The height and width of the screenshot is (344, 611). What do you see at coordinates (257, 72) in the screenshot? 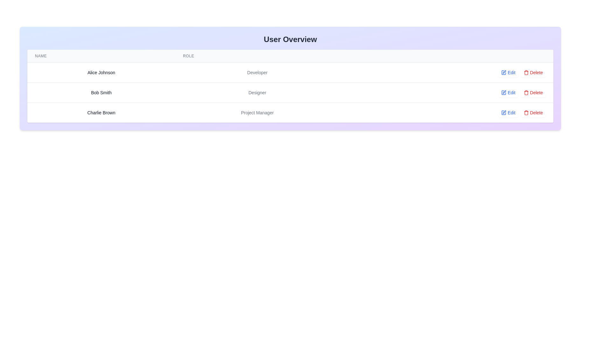
I see `the text label displaying the role associated with user 'Alice Johnson' in the user data table, located in the second column of the first row under the 'ROLE' header` at bounding box center [257, 72].